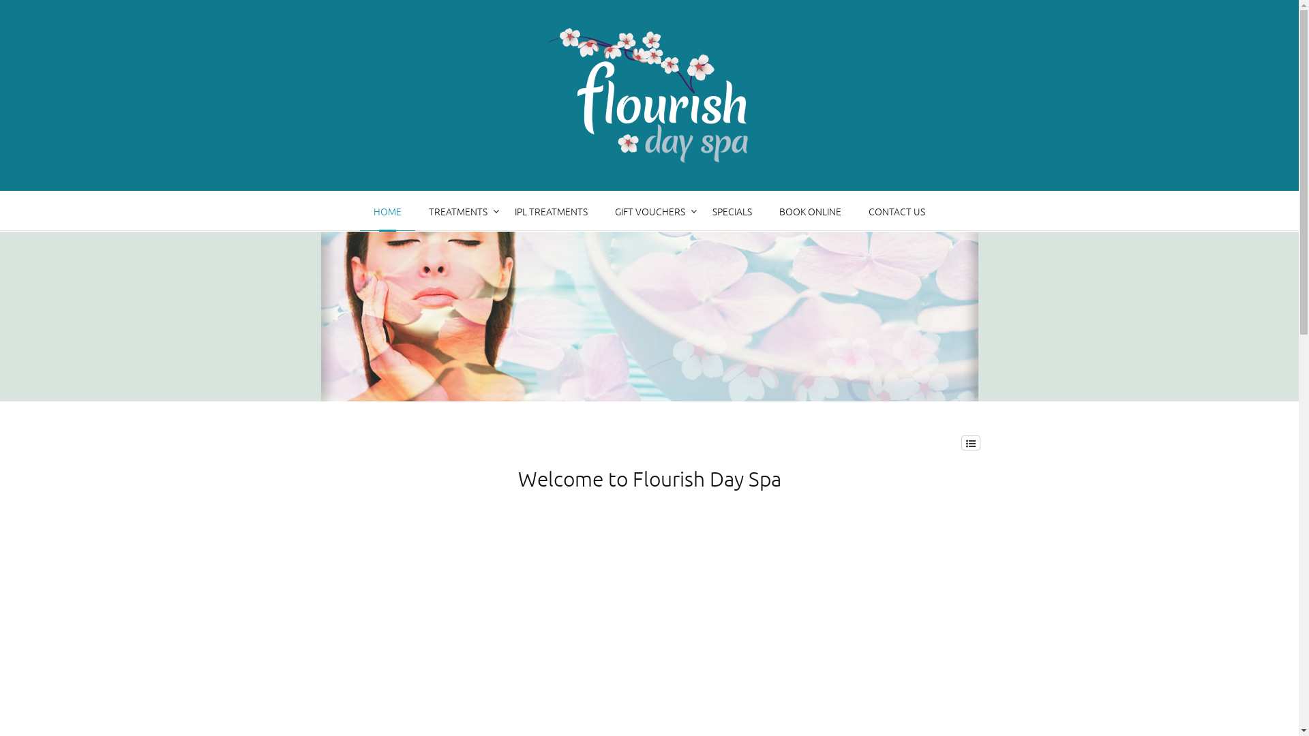  I want to click on 'CONTACT US', so click(897, 211).